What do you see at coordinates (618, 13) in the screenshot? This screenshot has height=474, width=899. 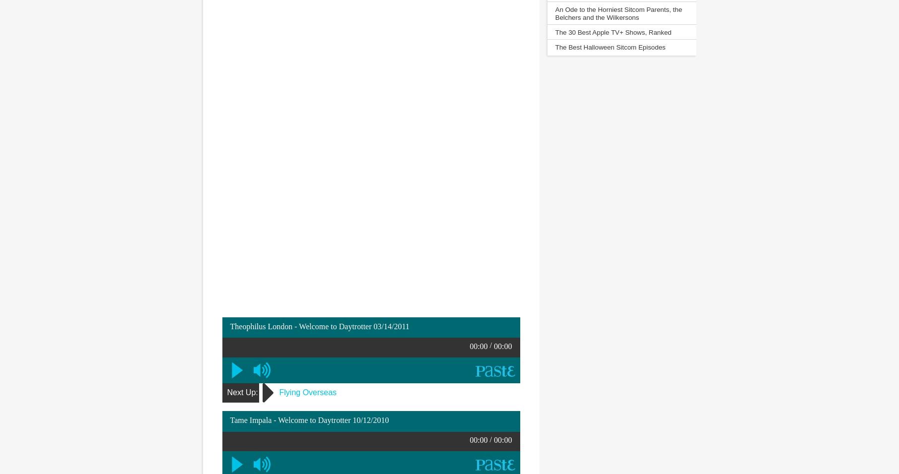 I see `'An Ode to the Horniest Sitcom Parents, the Belchers and the Wilkersons'` at bounding box center [618, 13].